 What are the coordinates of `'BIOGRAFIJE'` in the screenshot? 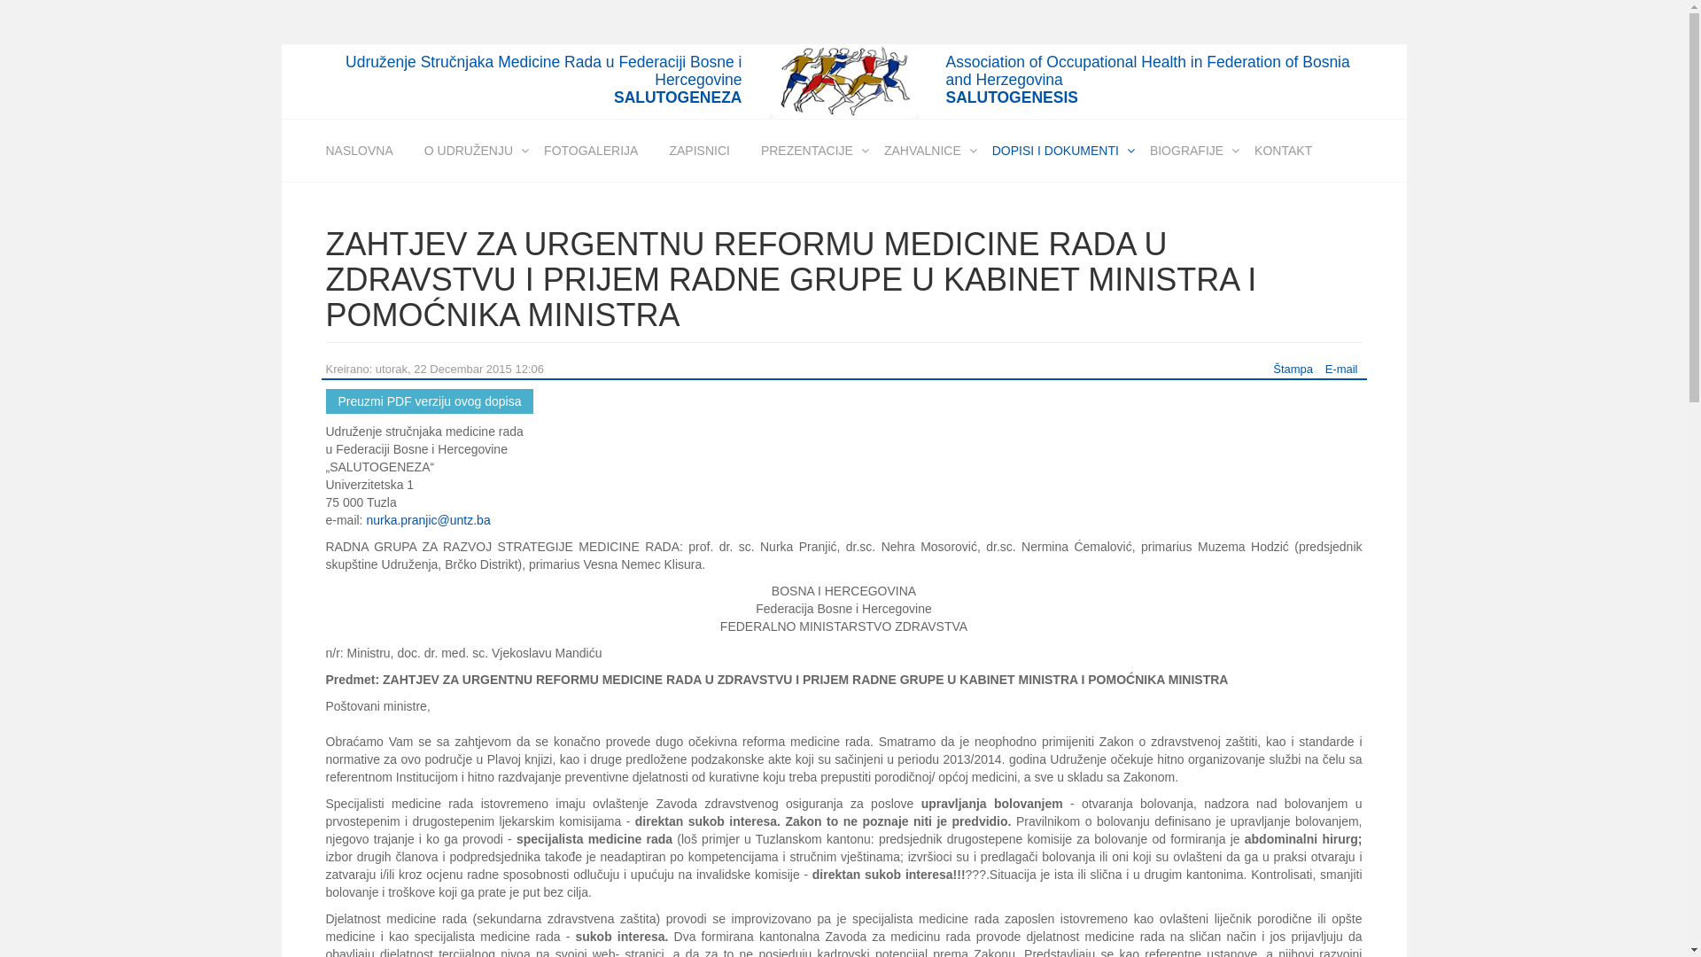 It's located at (1186, 149).